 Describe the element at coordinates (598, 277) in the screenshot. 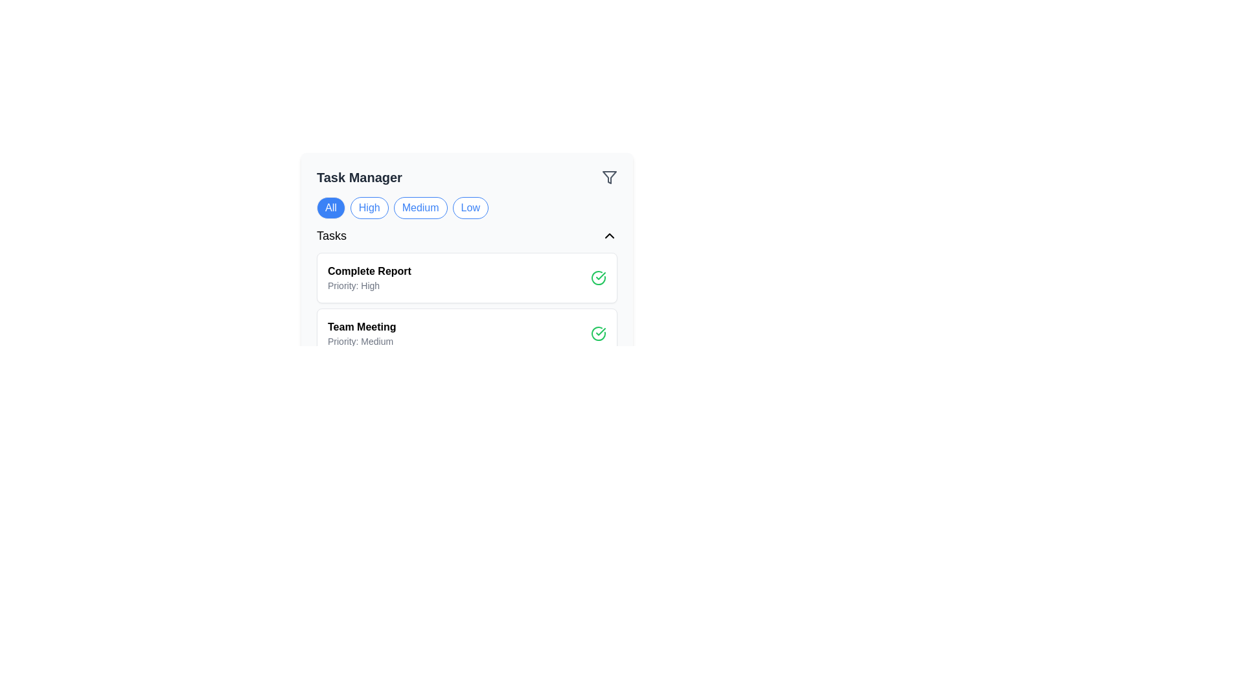

I see `the check mark icon indicating the completion status of the 'Team Meeting' task, which is the second task item icon in the list view` at that location.